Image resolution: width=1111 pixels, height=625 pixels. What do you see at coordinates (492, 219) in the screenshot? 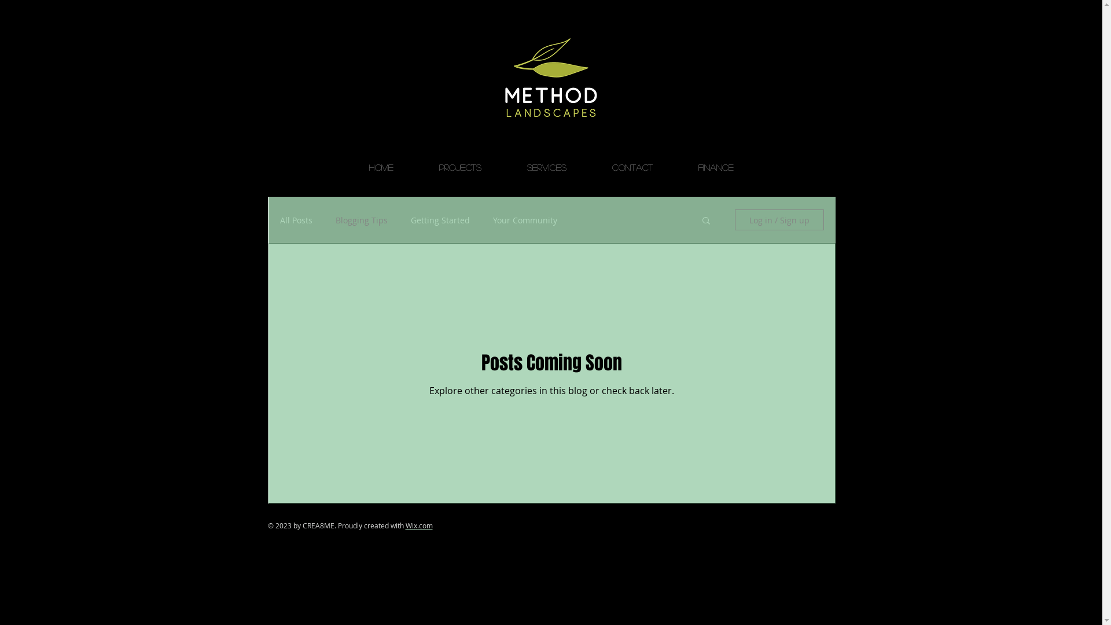
I see `'Your Community'` at bounding box center [492, 219].